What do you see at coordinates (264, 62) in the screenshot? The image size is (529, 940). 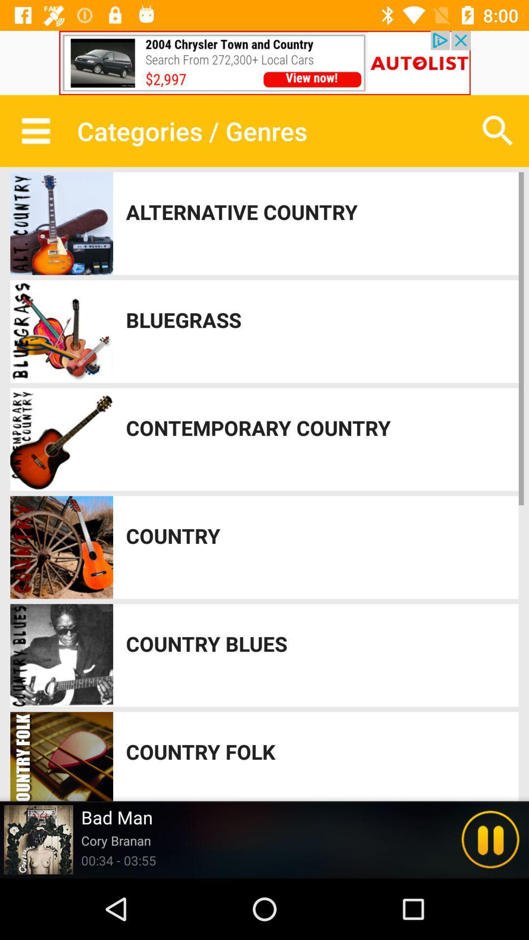 I see `open advertisement` at bounding box center [264, 62].